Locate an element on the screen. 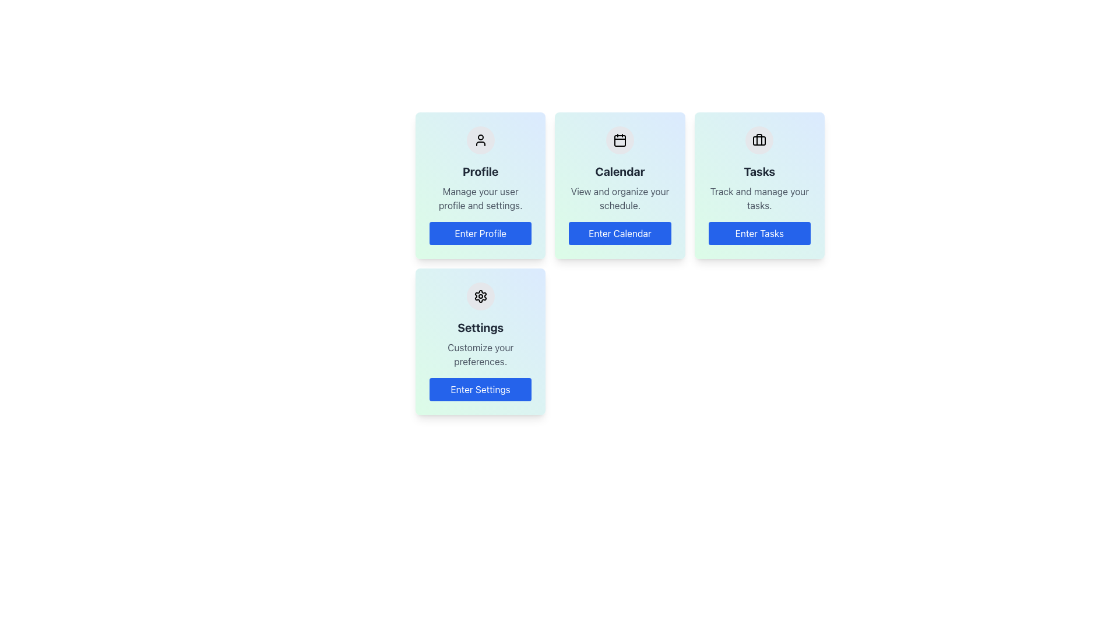 This screenshot has height=629, width=1119. the fourth card in the grid layout that provides access to the Settings feature is located at coordinates (480, 341).